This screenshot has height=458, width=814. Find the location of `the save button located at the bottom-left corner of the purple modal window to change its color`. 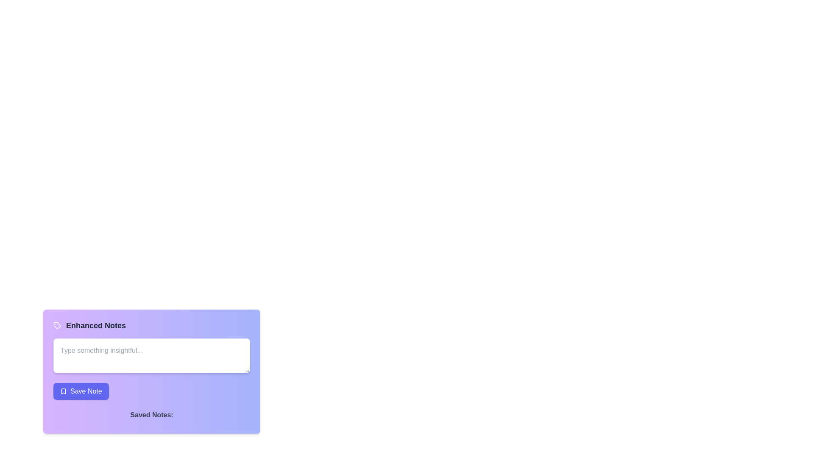

the save button located at the bottom-left corner of the purple modal window to change its color is located at coordinates (81, 391).